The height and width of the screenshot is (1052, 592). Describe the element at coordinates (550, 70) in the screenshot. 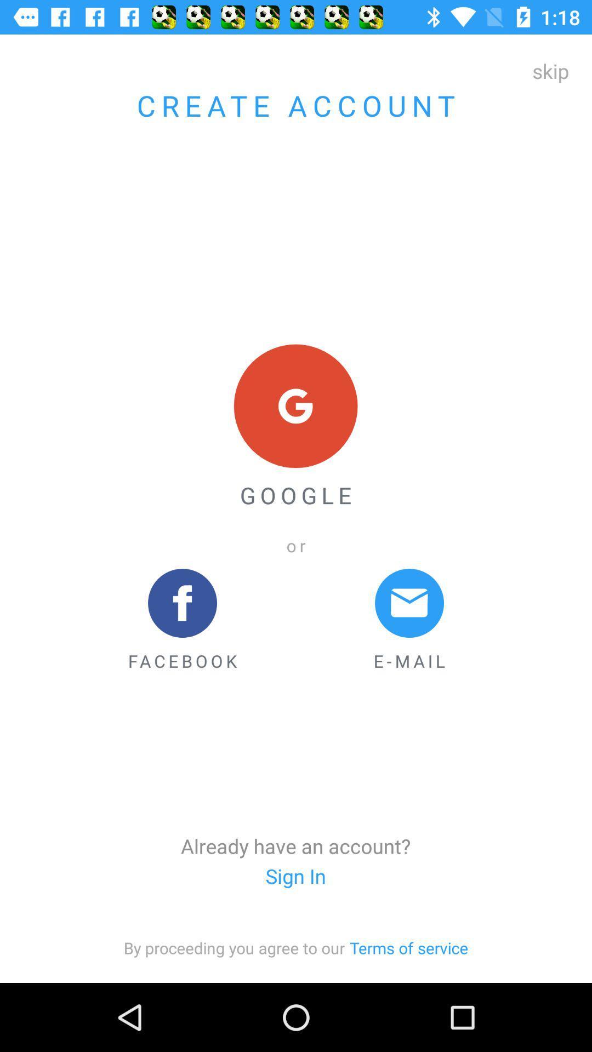

I see `skip item` at that location.